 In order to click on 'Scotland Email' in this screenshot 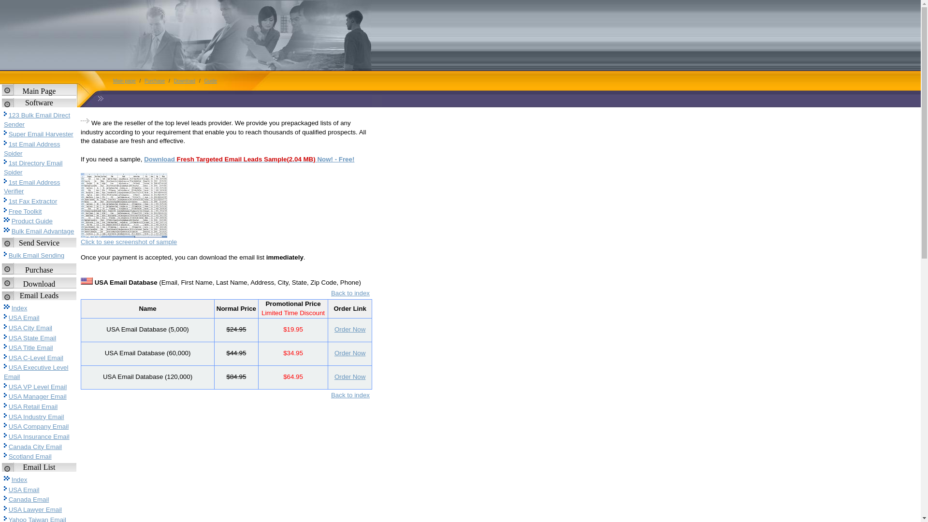, I will do `click(30, 456)`.